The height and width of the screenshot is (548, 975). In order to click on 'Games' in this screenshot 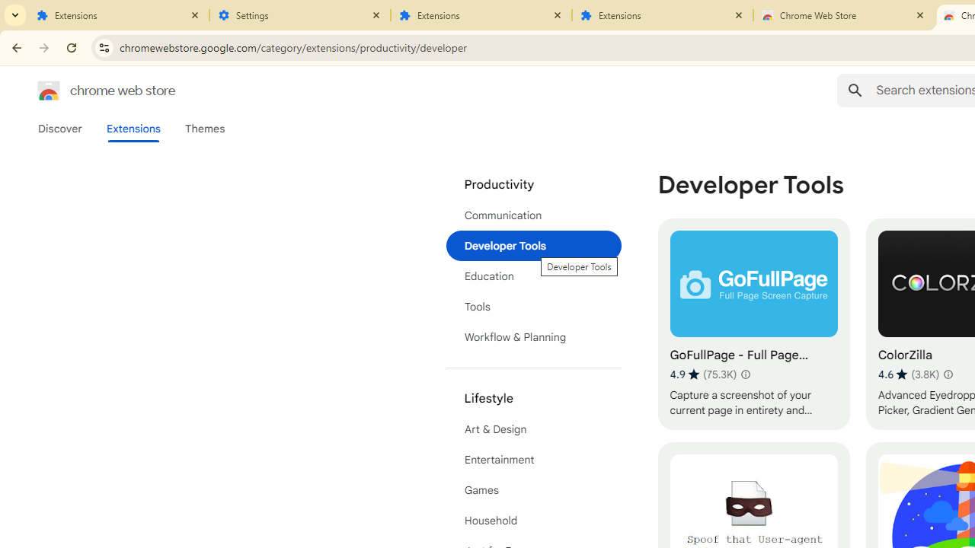, I will do `click(533, 490)`.